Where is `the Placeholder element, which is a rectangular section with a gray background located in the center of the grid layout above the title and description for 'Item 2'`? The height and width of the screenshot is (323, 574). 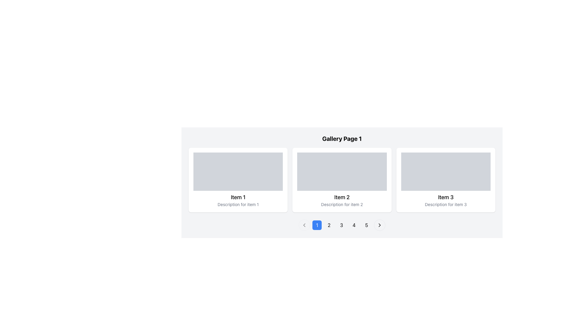 the Placeholder element, which is a rectangular section with a gray background located in the center of the grid layout above the title and description for 'Item 2' is located at coordinates (342, 172).